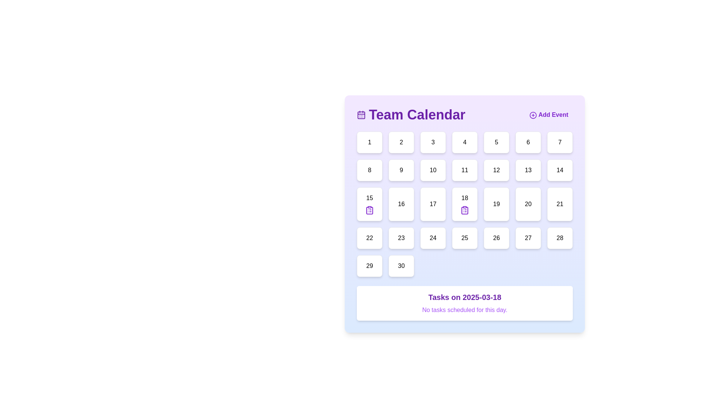  What do you see at coordinates (401, 204) in the screenshot?
I see `the button labeled '16' located under the header 'Team Calendar' in the third row and second column of the grid` at bounding box center [401, 204].